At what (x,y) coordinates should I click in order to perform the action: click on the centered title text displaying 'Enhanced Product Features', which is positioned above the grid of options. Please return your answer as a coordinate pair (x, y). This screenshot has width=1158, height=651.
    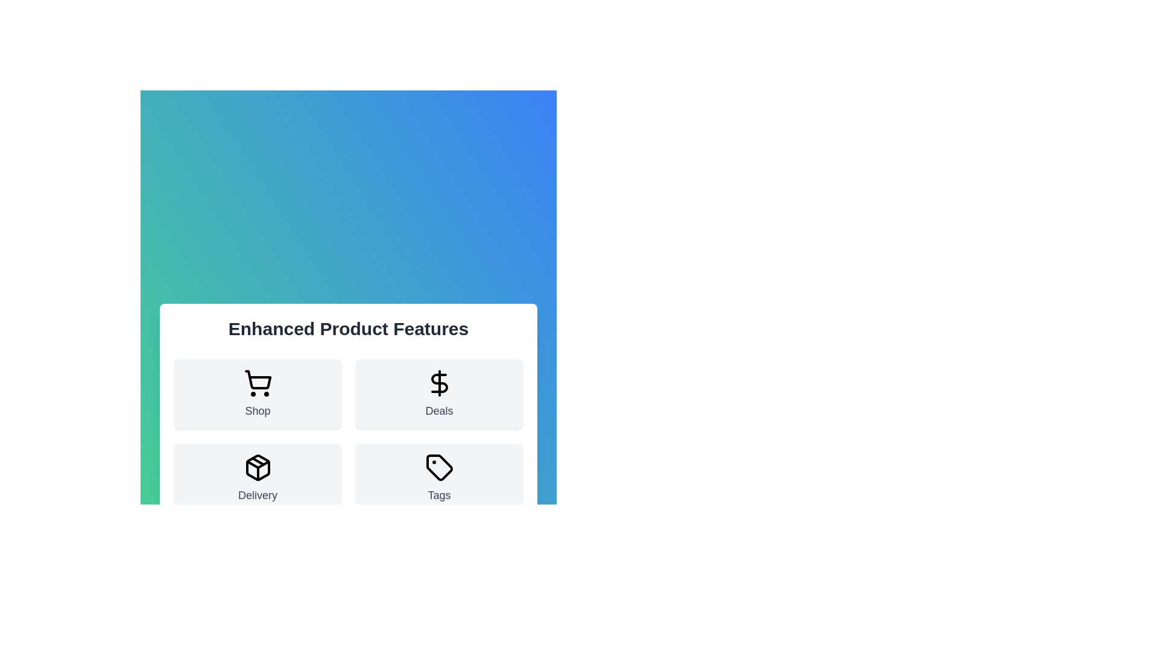
    Looking at the image, I should click on (347, 329).